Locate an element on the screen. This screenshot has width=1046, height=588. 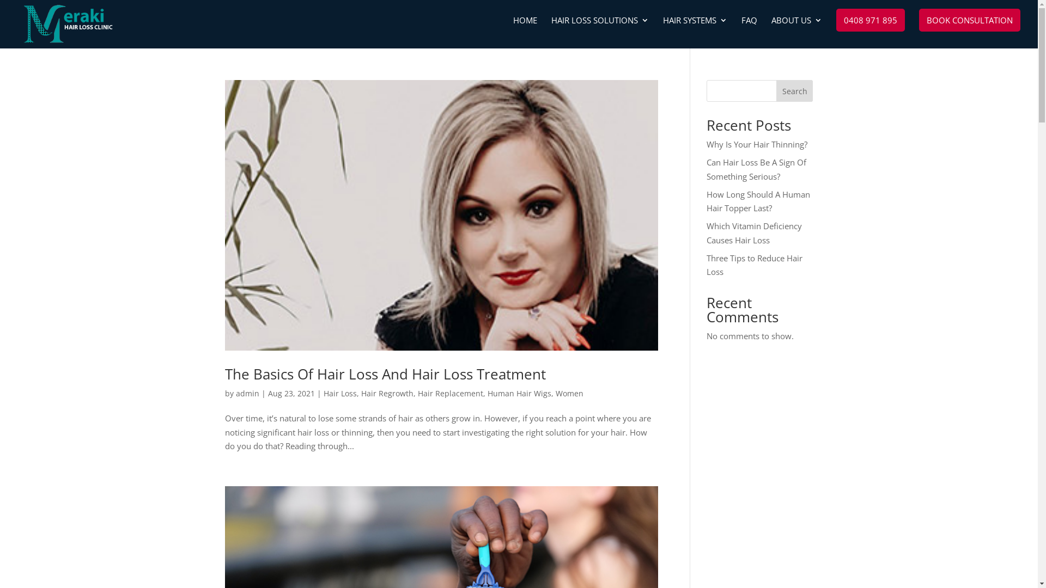
'FAQ' is located at coordinates (741, 32).